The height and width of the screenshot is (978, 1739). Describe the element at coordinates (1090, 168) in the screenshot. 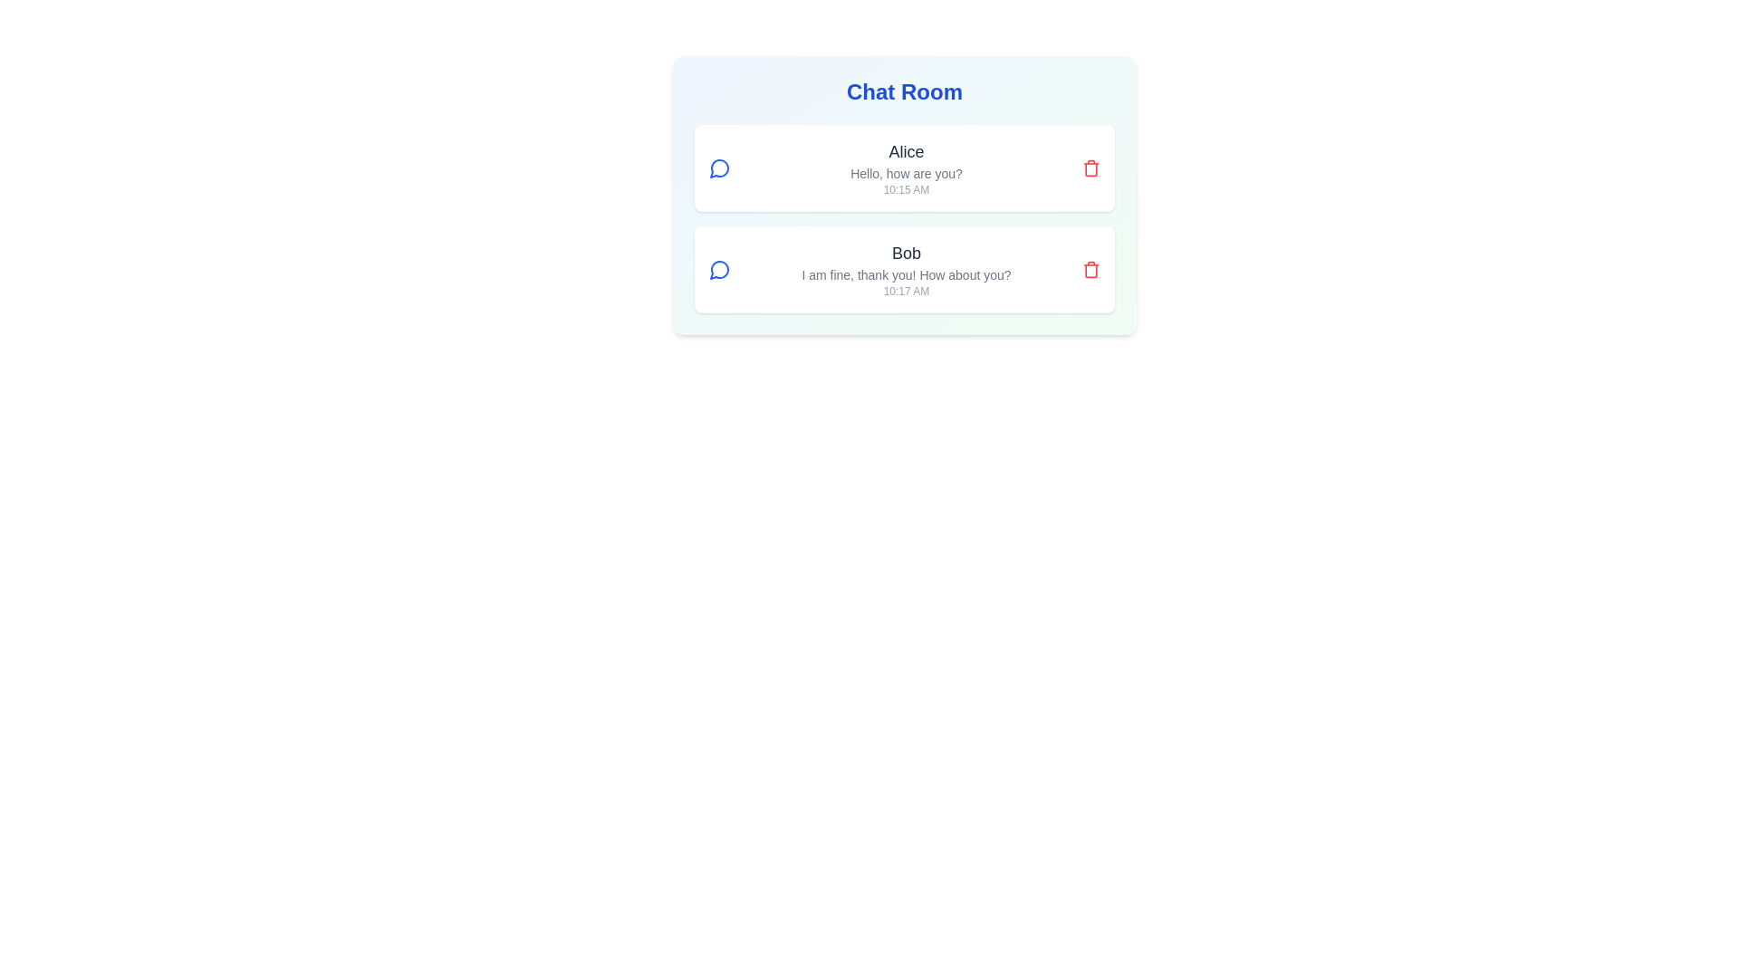

I see `delete button for the message authored by Alice` at that location.